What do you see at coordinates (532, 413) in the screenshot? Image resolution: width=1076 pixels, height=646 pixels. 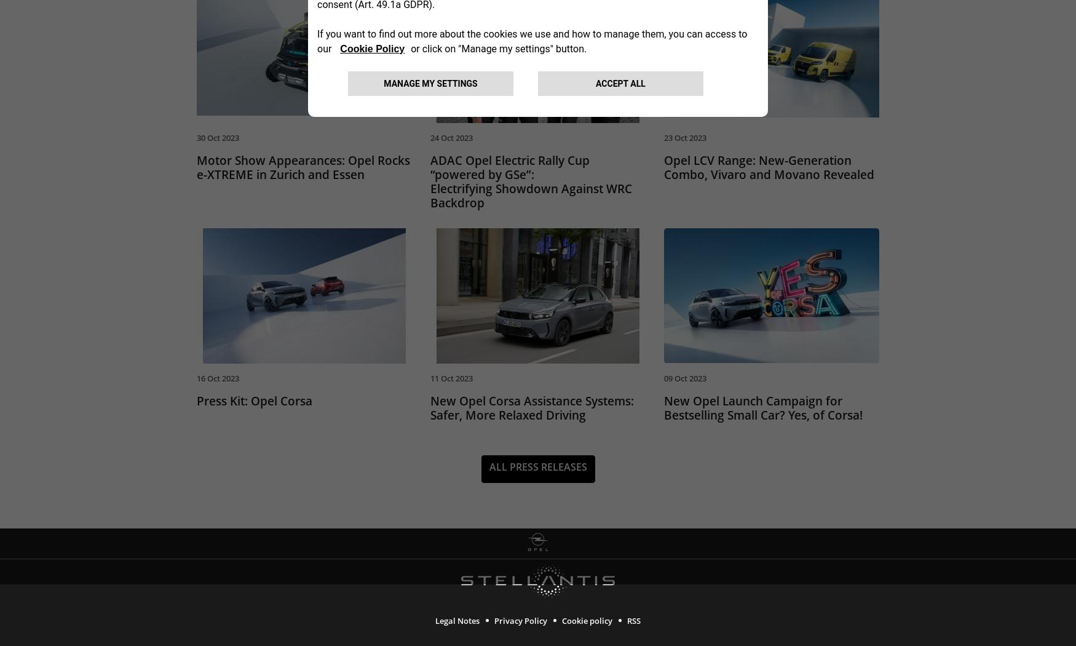 I see `'New Opel Corsa Assistance Systems: Safer, More Relaxed Driving'` at bounding box center [532, 413].